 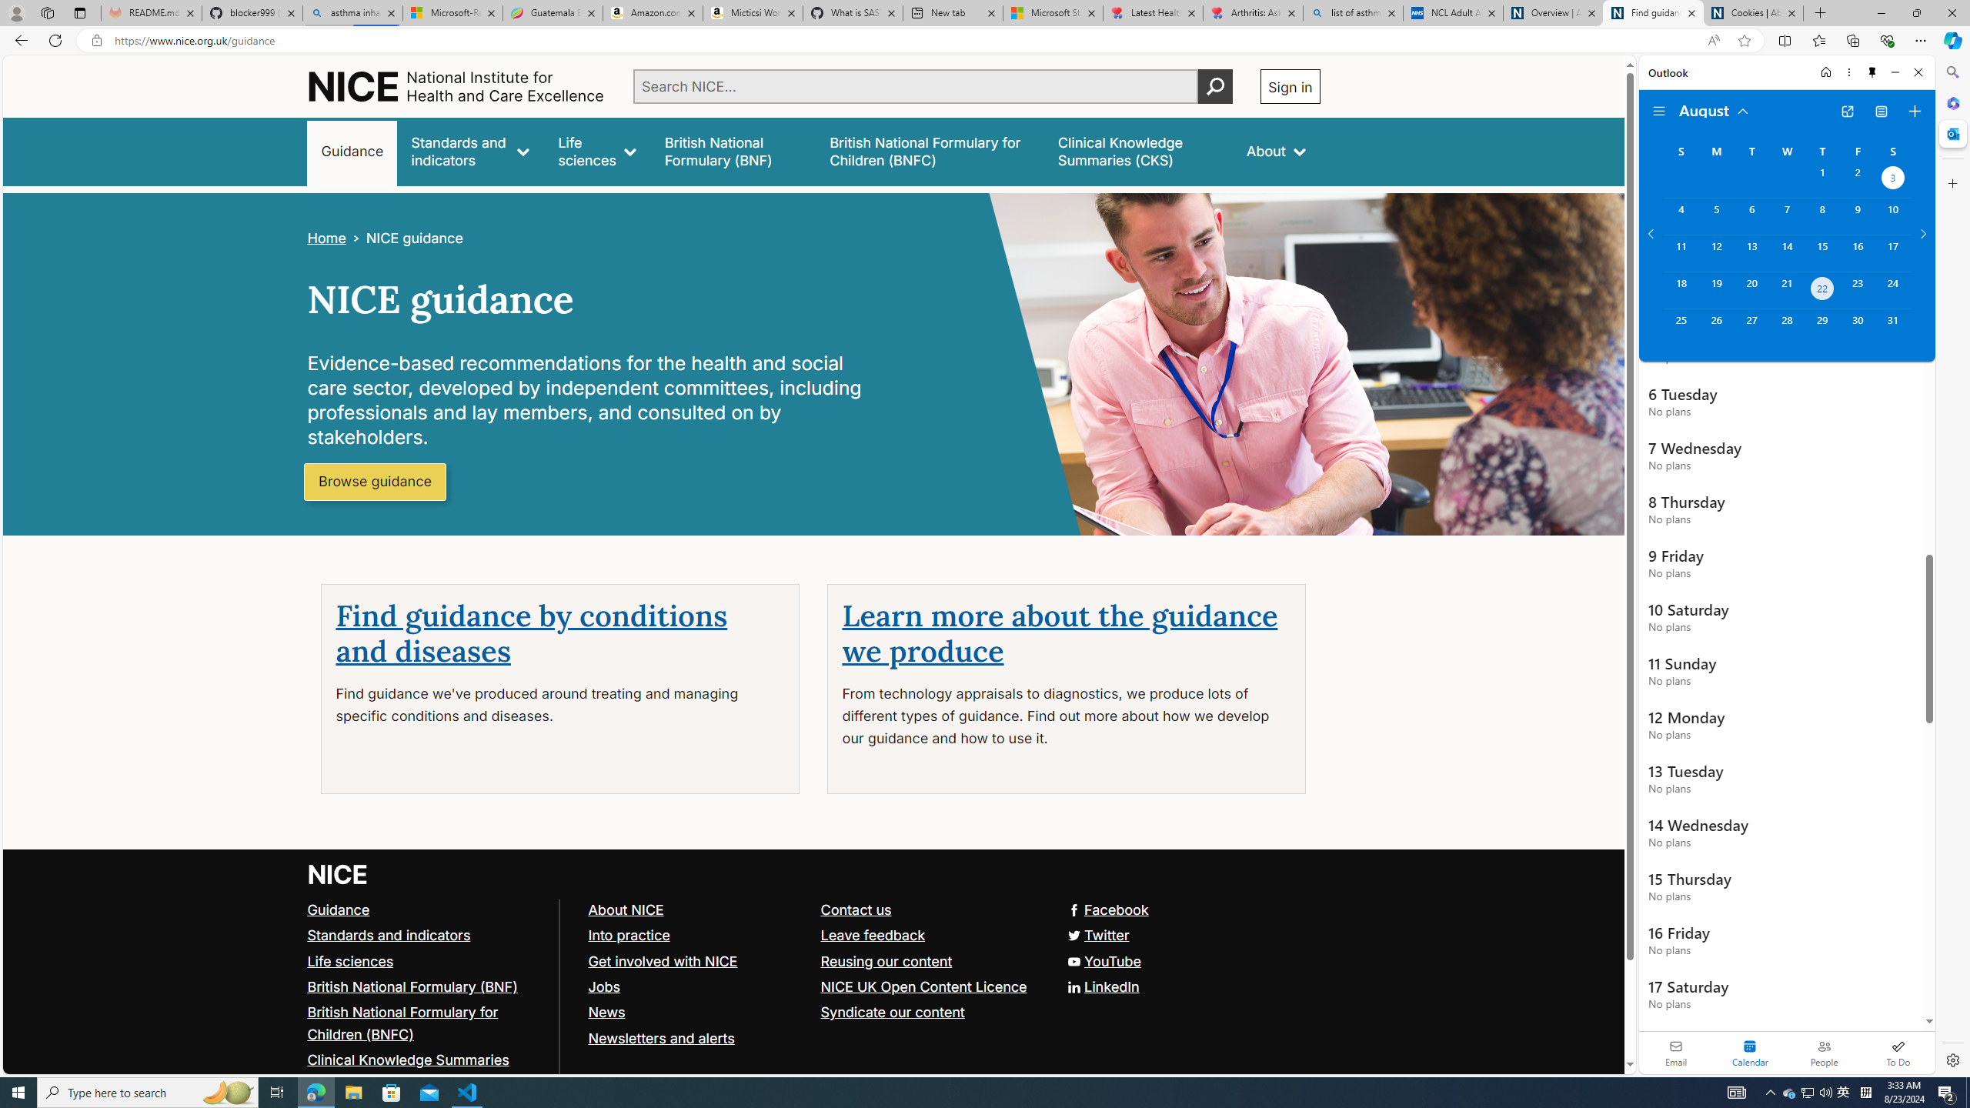 What do you see at coordinates (1274, 151) in the screenshot?
I see `'About'` at bounding box center [1274, 151].